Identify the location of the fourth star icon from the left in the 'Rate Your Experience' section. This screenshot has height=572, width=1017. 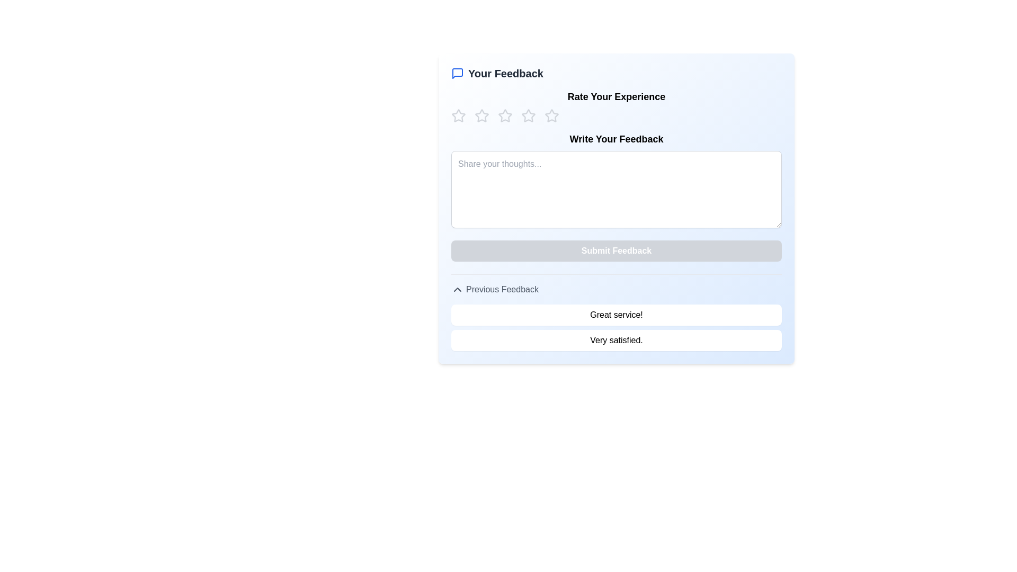
(551, 115).